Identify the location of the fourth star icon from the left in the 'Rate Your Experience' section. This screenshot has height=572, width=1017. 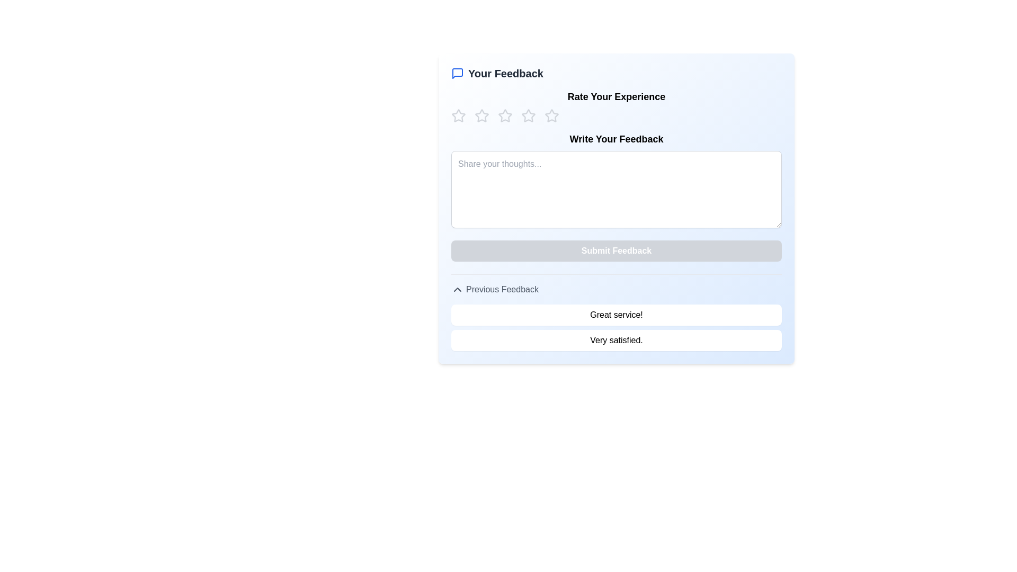
(551, 115).